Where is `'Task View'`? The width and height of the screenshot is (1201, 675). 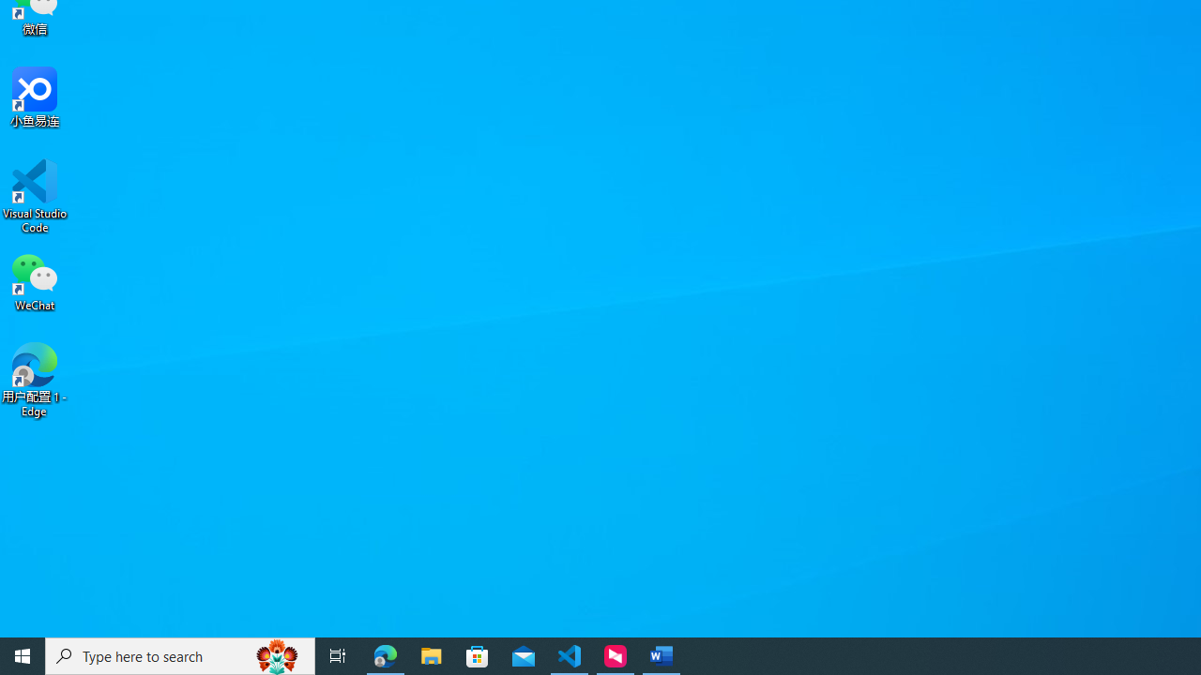 'Task View' is located at coordinates (337, 654).